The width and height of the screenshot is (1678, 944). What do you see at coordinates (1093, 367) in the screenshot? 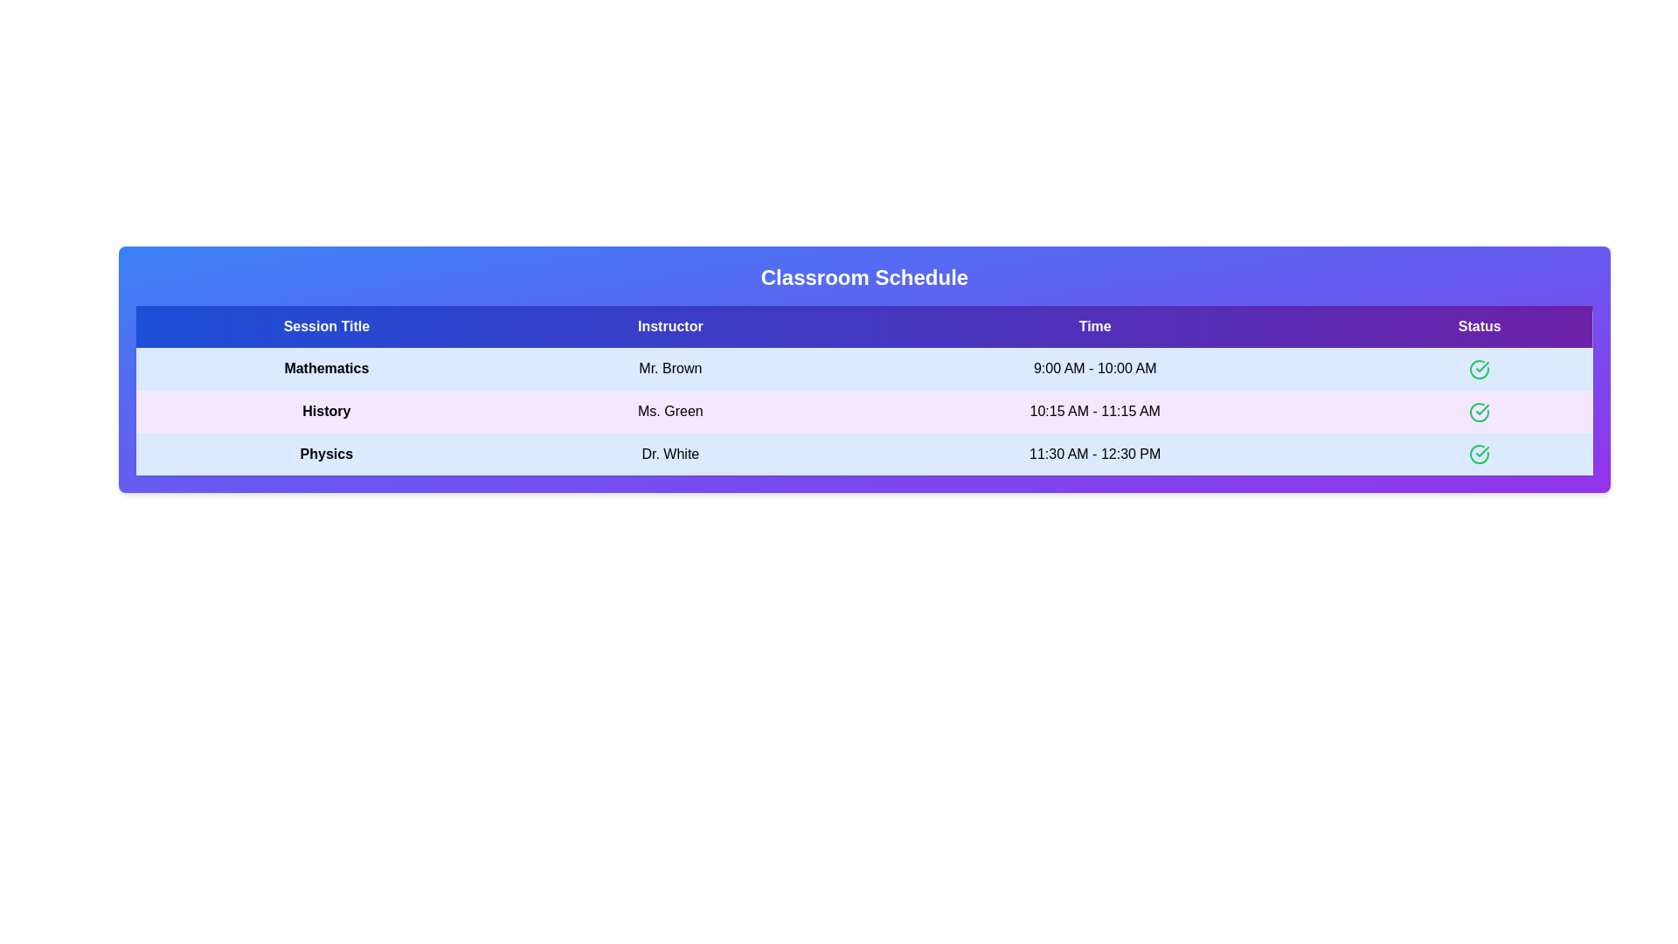
I see `the text element 9:00 AM - 10:00 AM to select or copy its content` at bounding box center [1093, 367].